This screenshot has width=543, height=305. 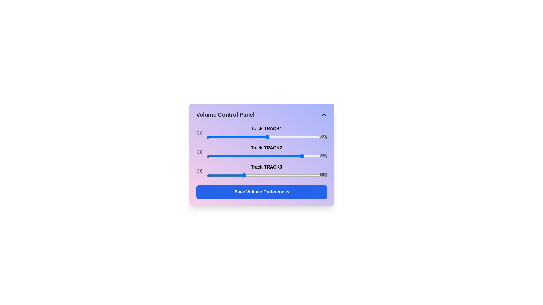 I want to click on the volume of 'Track TRACK1', so click(x=302, y=137).